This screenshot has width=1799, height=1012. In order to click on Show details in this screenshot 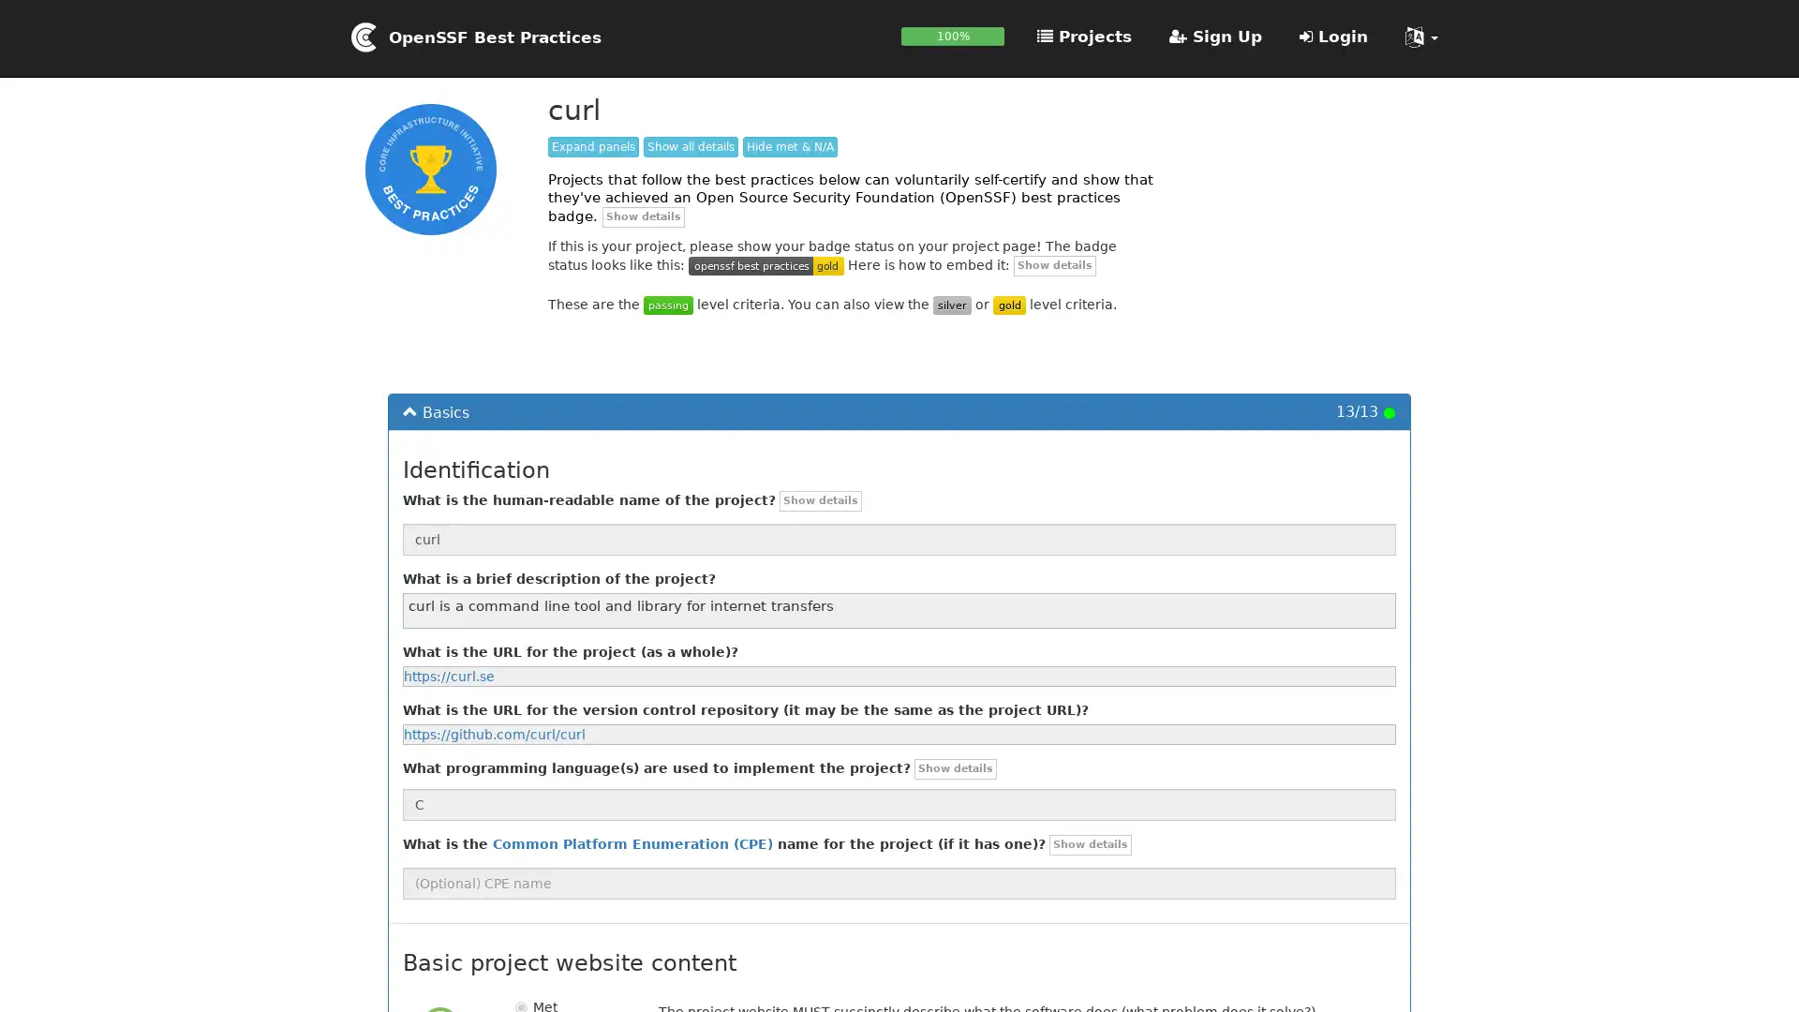, I will do `click(955, 769)`.